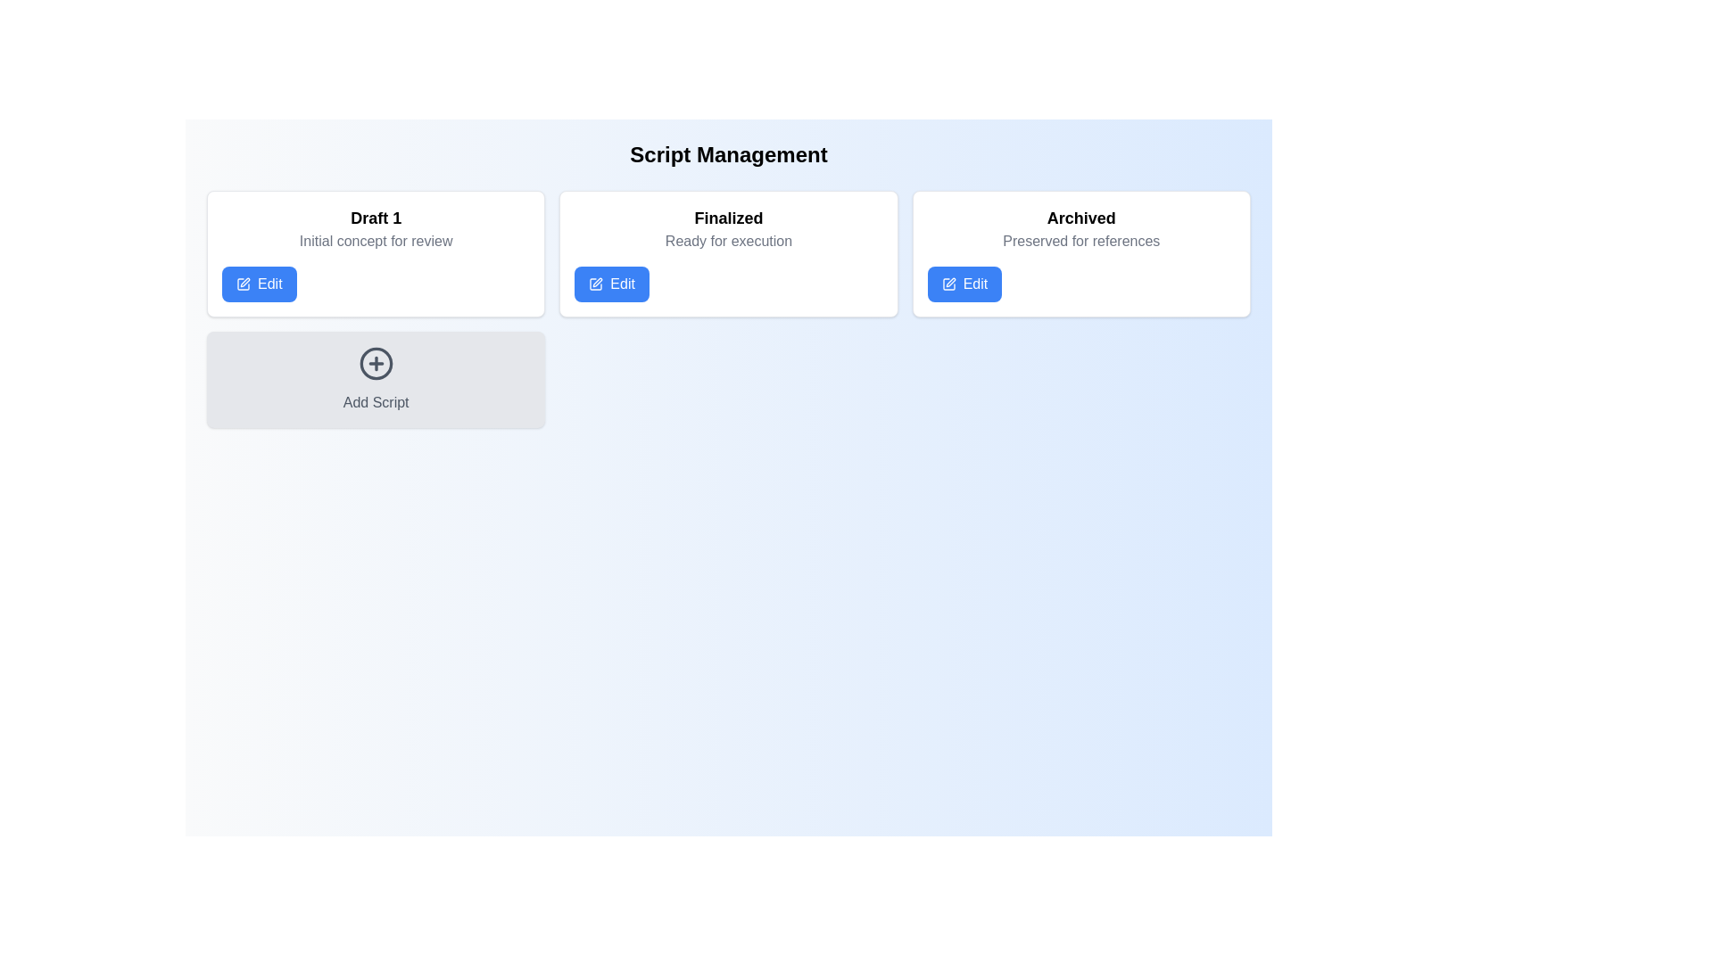  I want to click on the 'Add Script' button, which features a circular plus icon and is centrally aligned with gray styling, so click(375, 378).